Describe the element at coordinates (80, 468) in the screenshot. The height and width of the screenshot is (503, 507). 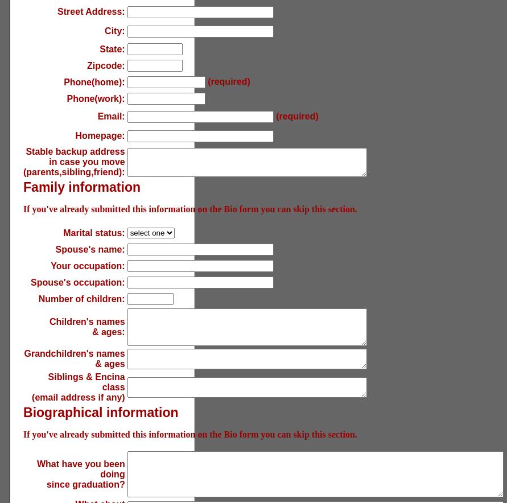
I see `'What have you been doing'` at that location.